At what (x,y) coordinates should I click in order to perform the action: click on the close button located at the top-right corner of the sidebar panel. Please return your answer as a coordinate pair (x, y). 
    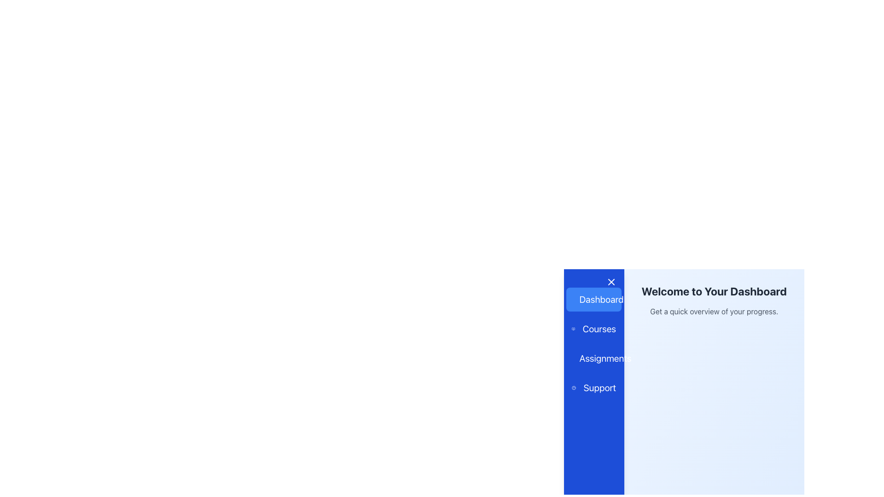
    Looking at the image, I should click on (611, 282).